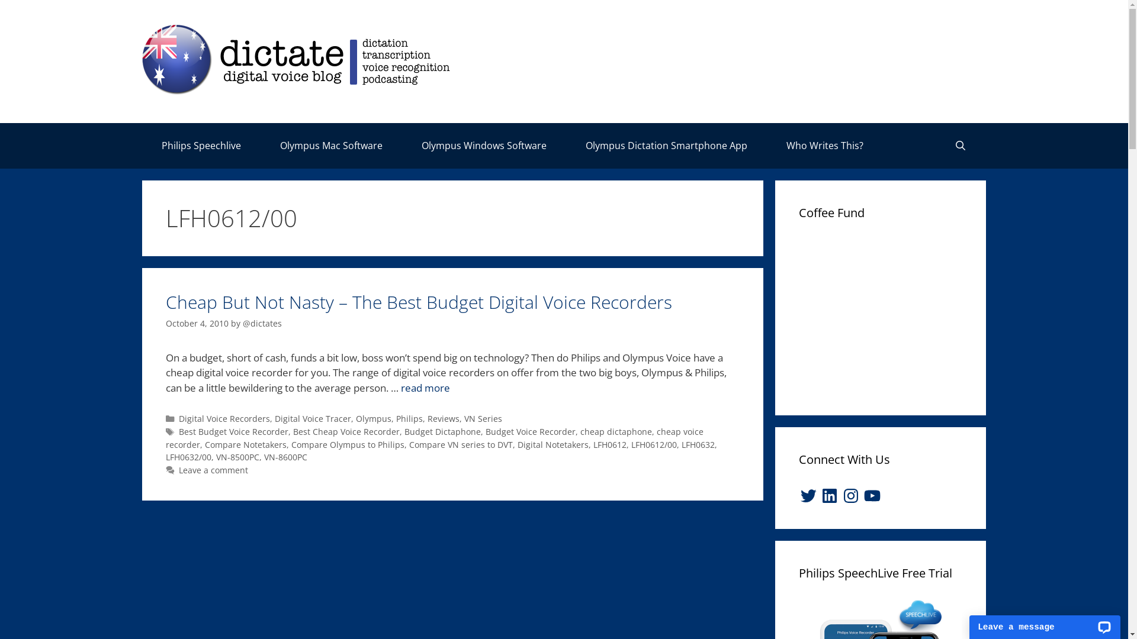  What do you see at coordinates (593, 444) in the screenshot?
I see `'LFH0612'` at bounding box center [593, 444].